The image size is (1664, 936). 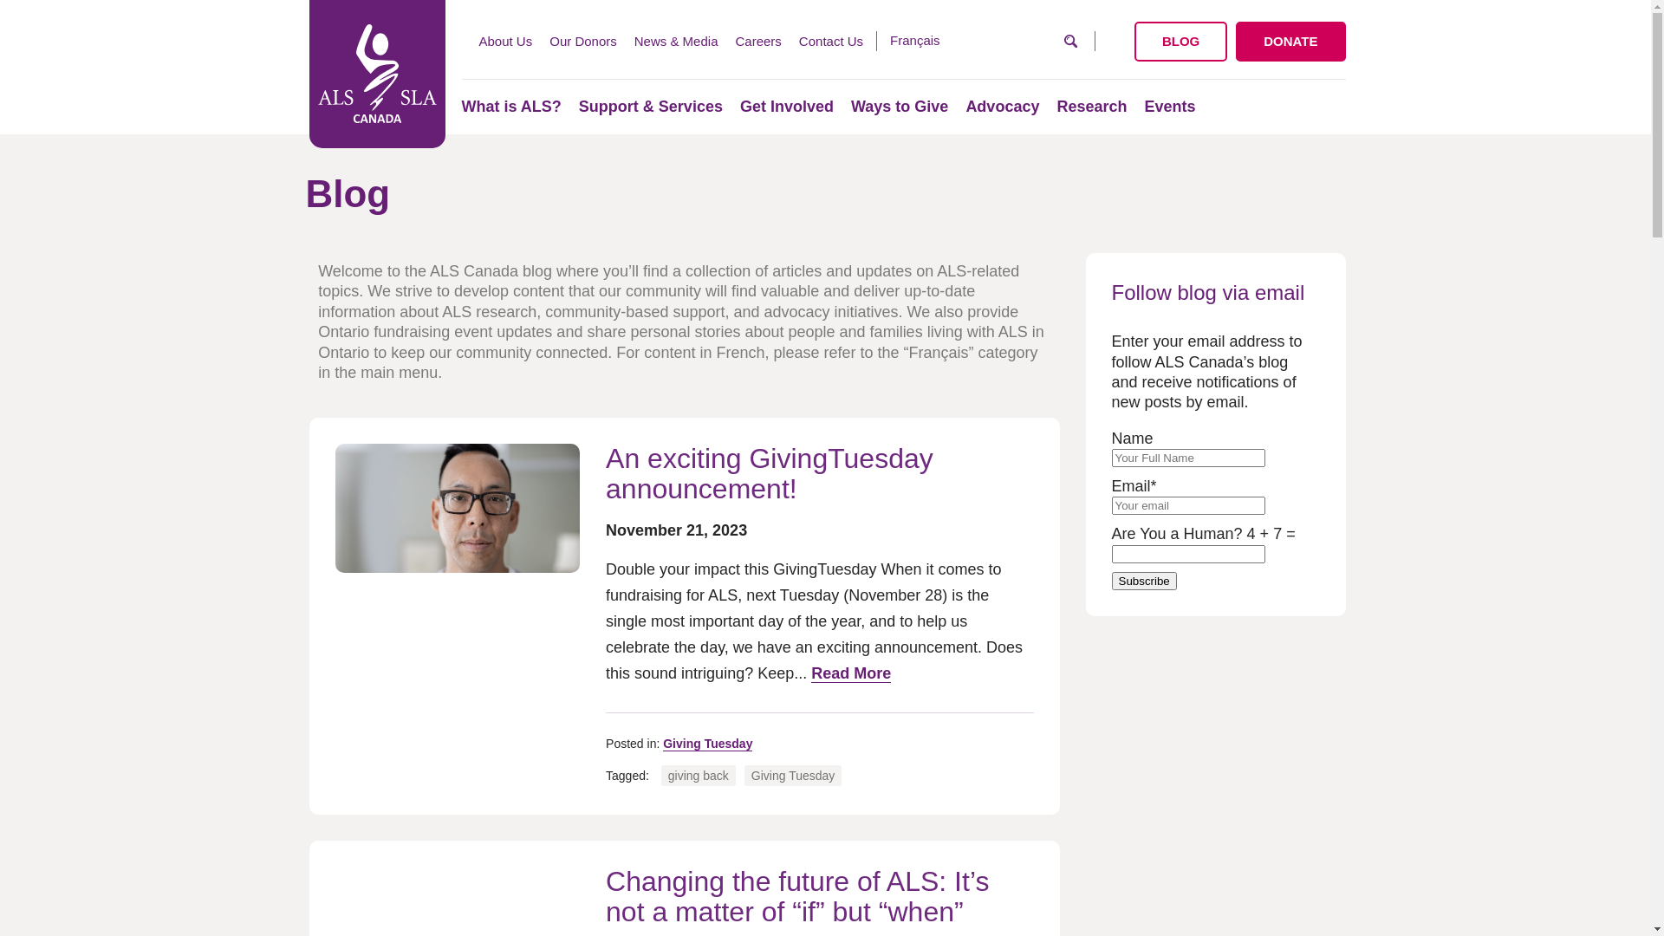 I want to click on 'Support & Services', so click(x=578, y=107).